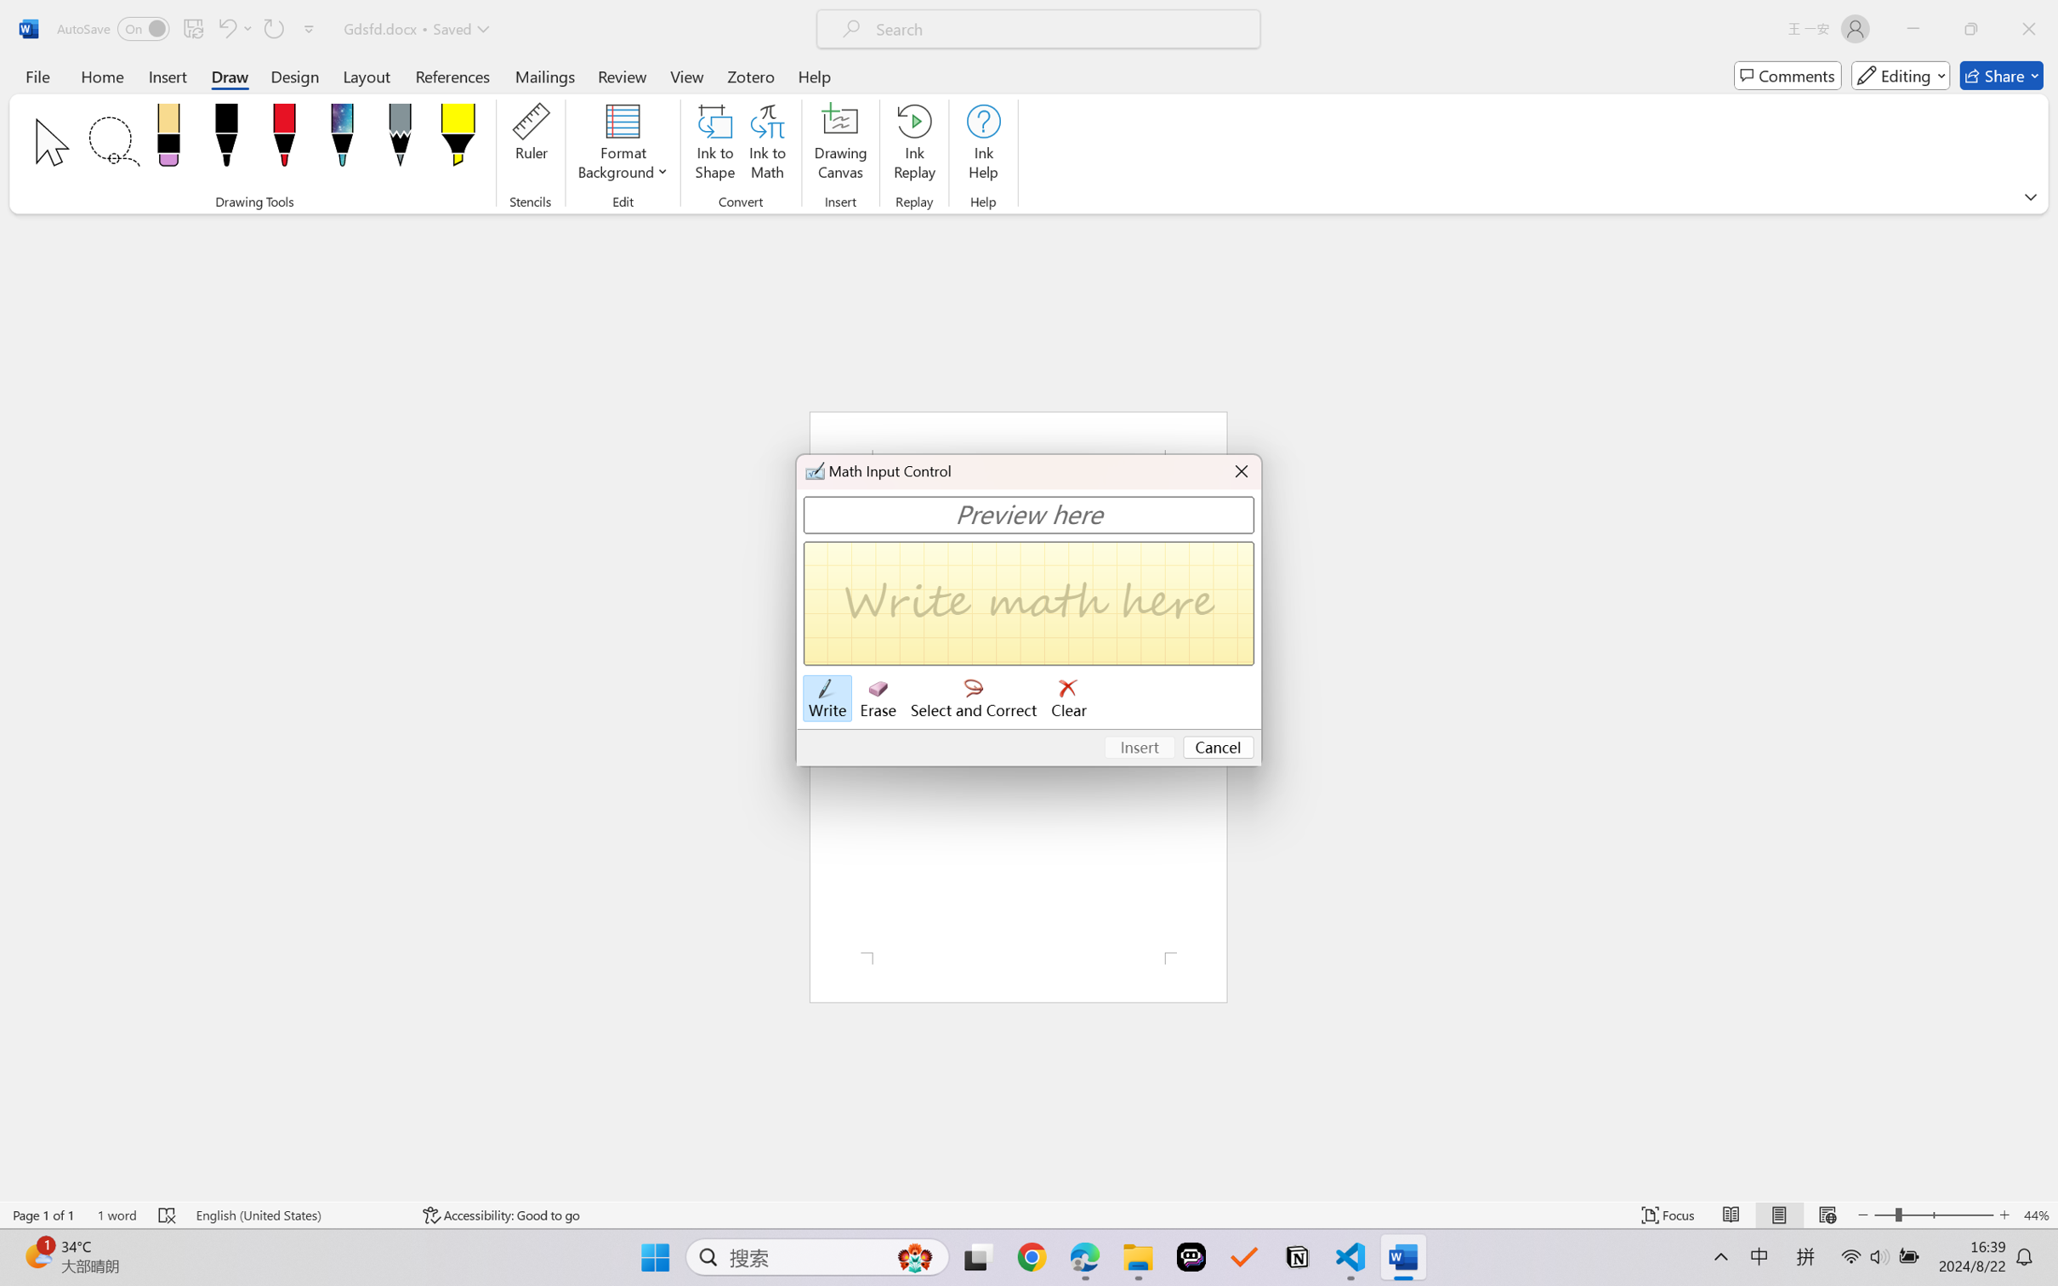 The height and width of the screenshot is (1286, 2058). What do you see at coordinates (1218, 748) in the screenshot?
I see `'Cancel'` at bounding box center [1218, 748].